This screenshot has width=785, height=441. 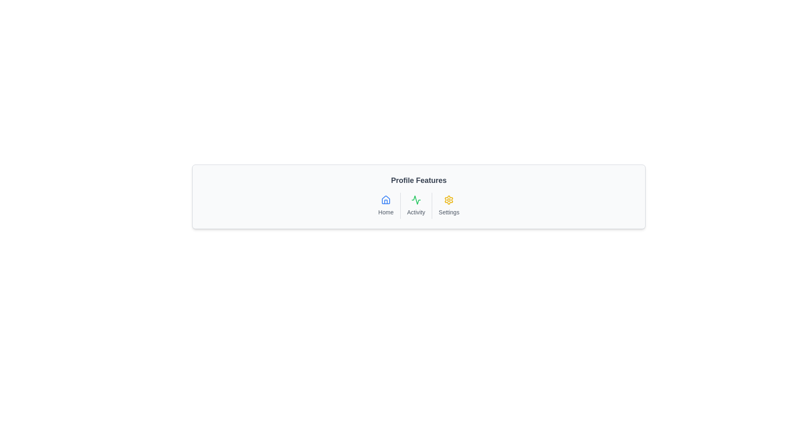 I want to click on the blue outlined house icon in the navigation area, so click(x=386, y=200).